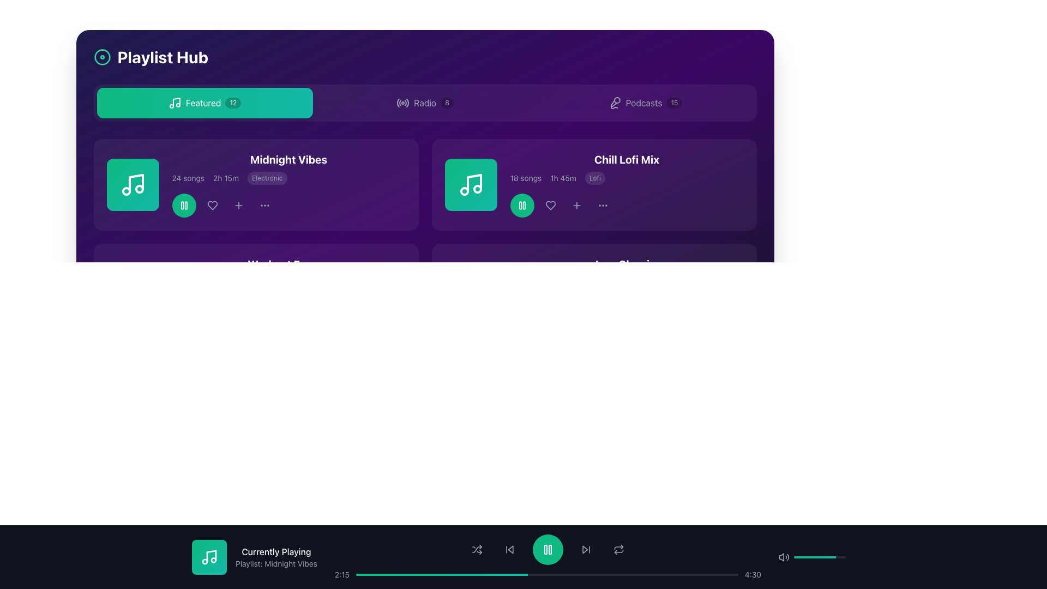  I want to click on individual metadata pieces in the text group displaying '24 songs', '2h 15m', and 'Electronic' located beneath the title 'Midnight Vibes' in the playlist card, so click(288, 178).